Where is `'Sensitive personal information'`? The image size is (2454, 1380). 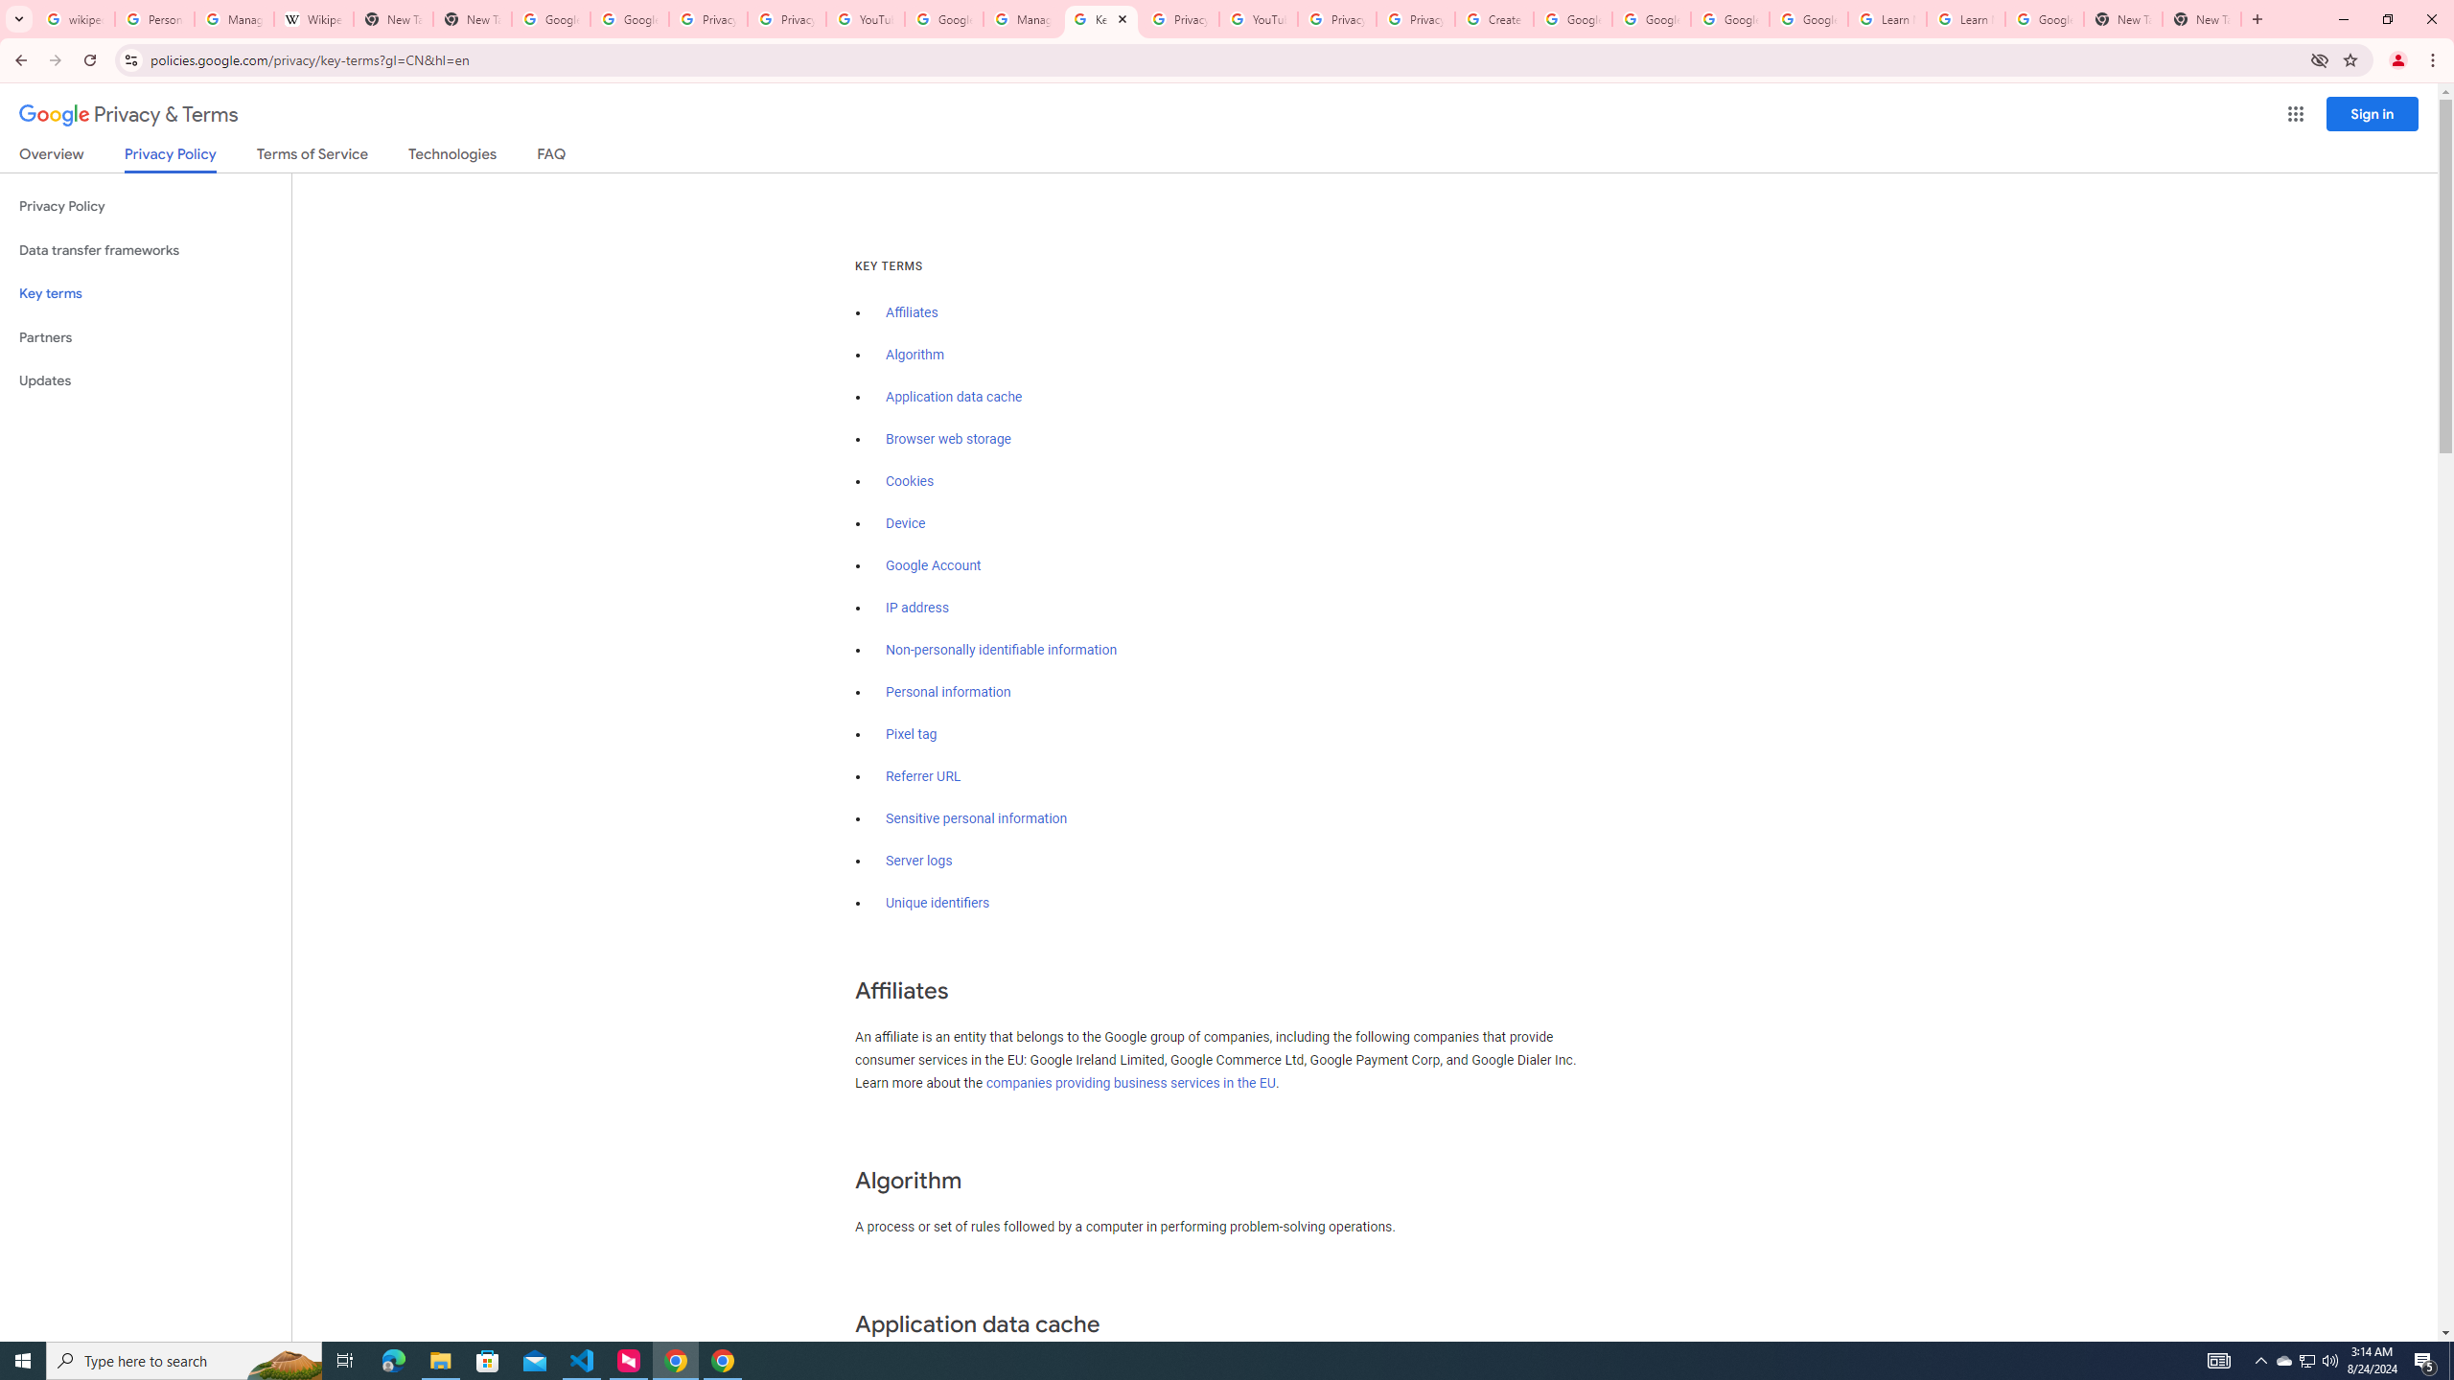 'Sensitive personal information' is located at coordinates (976, 818).